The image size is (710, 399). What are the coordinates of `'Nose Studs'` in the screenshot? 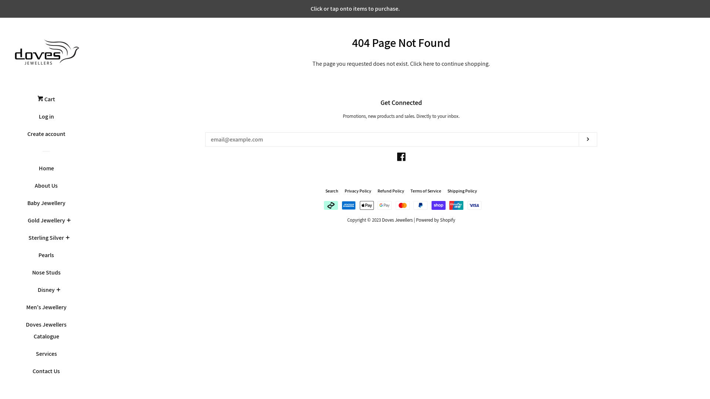 It's located at (45, 275).